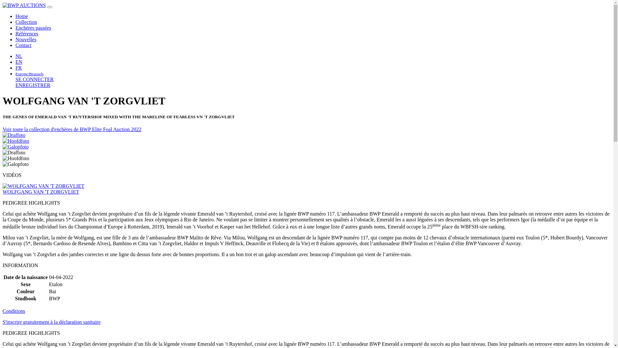 The height and width of the screenshot is (348, 618). Describe the element at coordinates (14, 311) in the screenshot. I see `'Conditions'` at that location.